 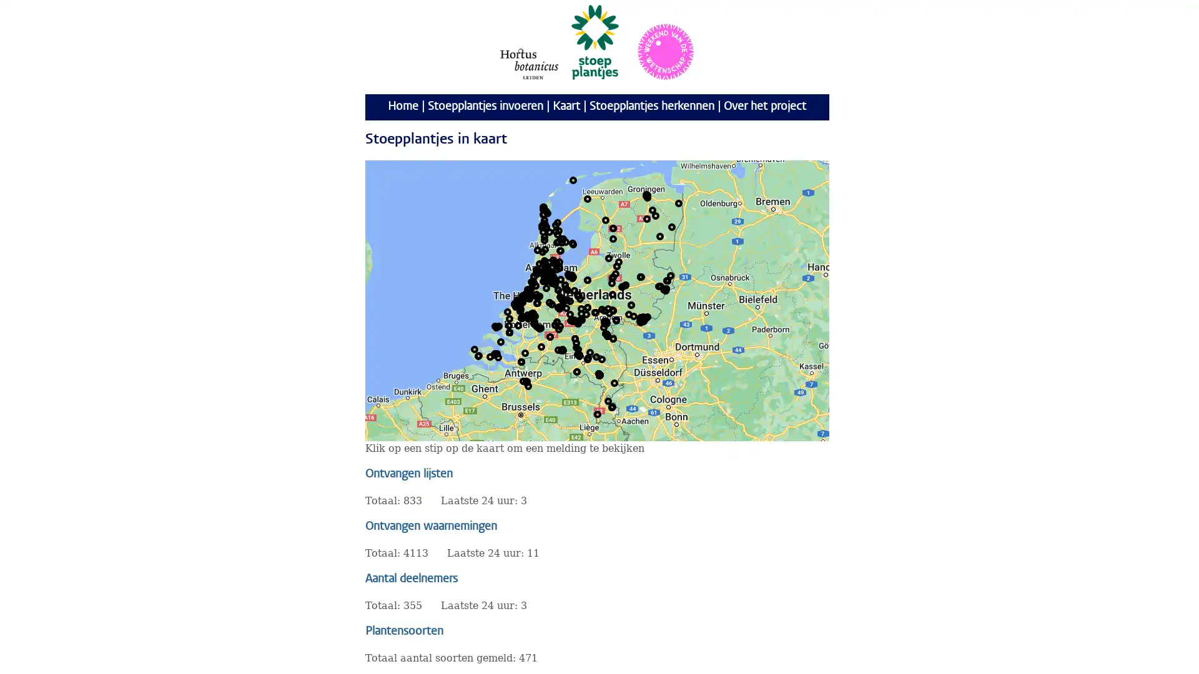 I want to click on Telling van Beppie op 01 juni 2022, so click(x=571, y=243).